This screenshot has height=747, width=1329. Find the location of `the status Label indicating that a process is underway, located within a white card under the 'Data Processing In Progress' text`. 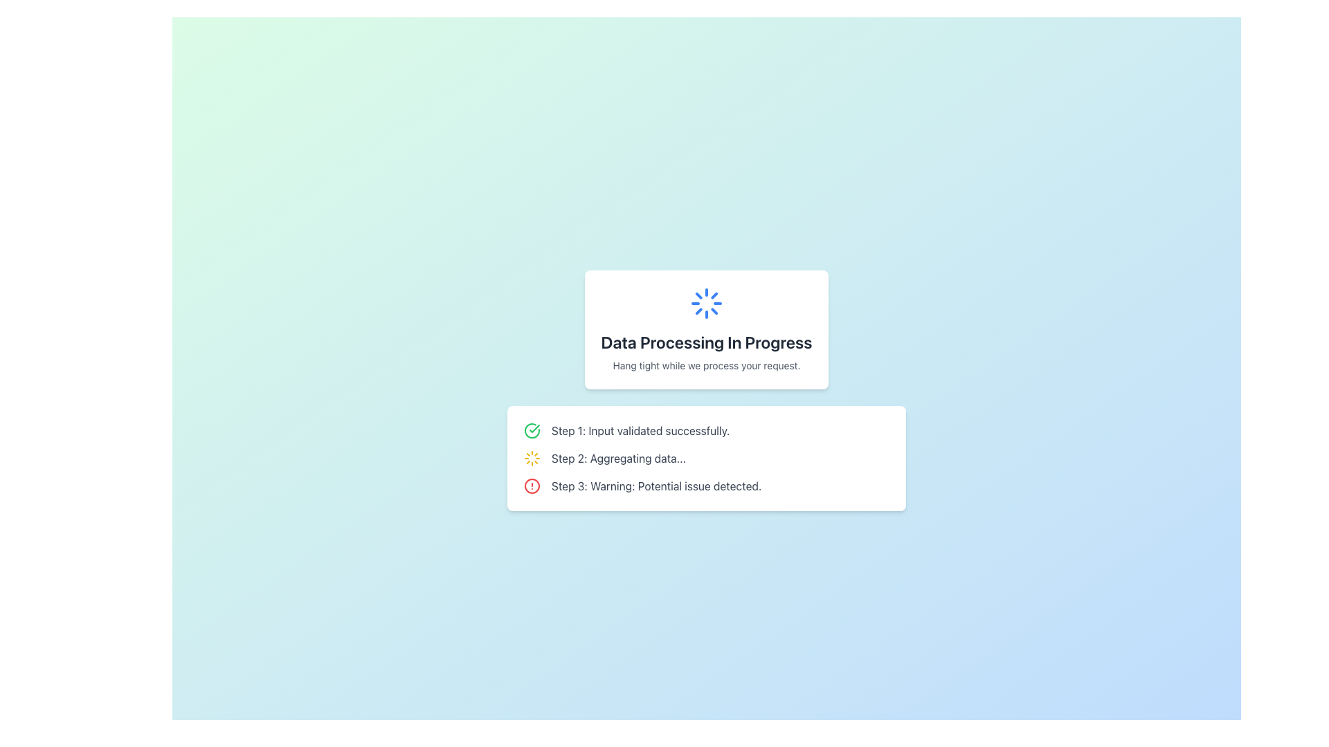

the status Label indicating that a process is underway, located within a white card under the 'Data Processing In Progress' text is located at coordinates (707, 365).